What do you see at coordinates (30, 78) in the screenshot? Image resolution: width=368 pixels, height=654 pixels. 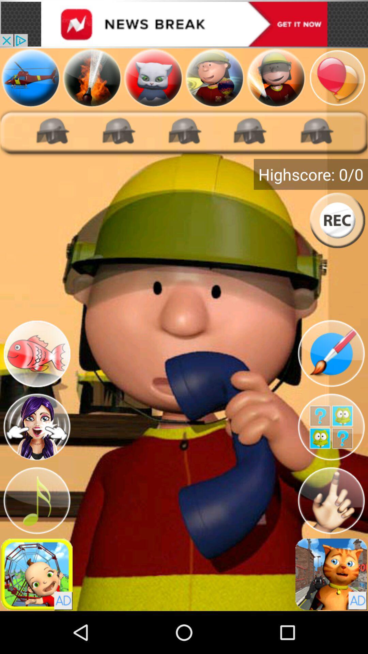 I see `with helicopter` at bounding box center [30, 78].